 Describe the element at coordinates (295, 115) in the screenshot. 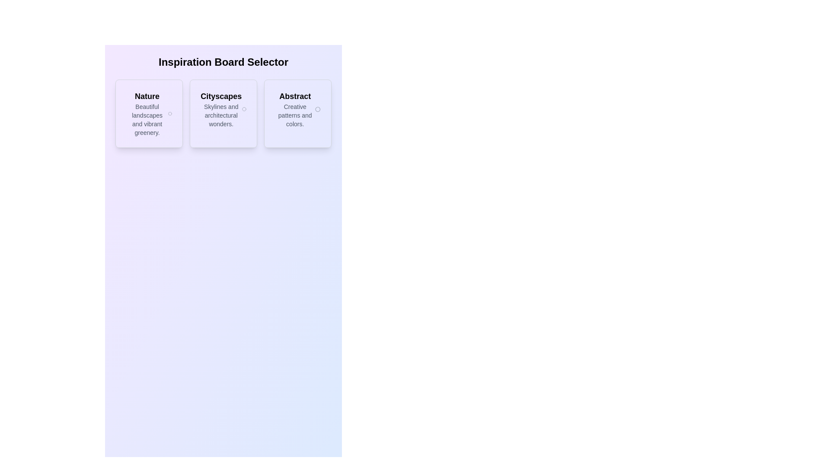

I see `the text block displaying 'Creative patterns and colors.' located below the title 'Abstract' in the rightmost card of the 'Inspiration Board Selector' interface` at that location.